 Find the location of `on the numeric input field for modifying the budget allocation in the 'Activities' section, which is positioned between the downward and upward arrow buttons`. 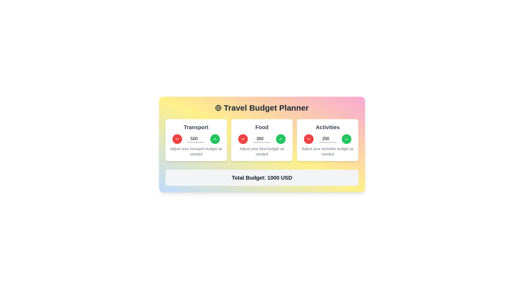

on the numeric input field for modifying the budget allocation in the 'Activities' section, which is positioned between the downward and upward arrow buttons is located at coordinates (327, 139).